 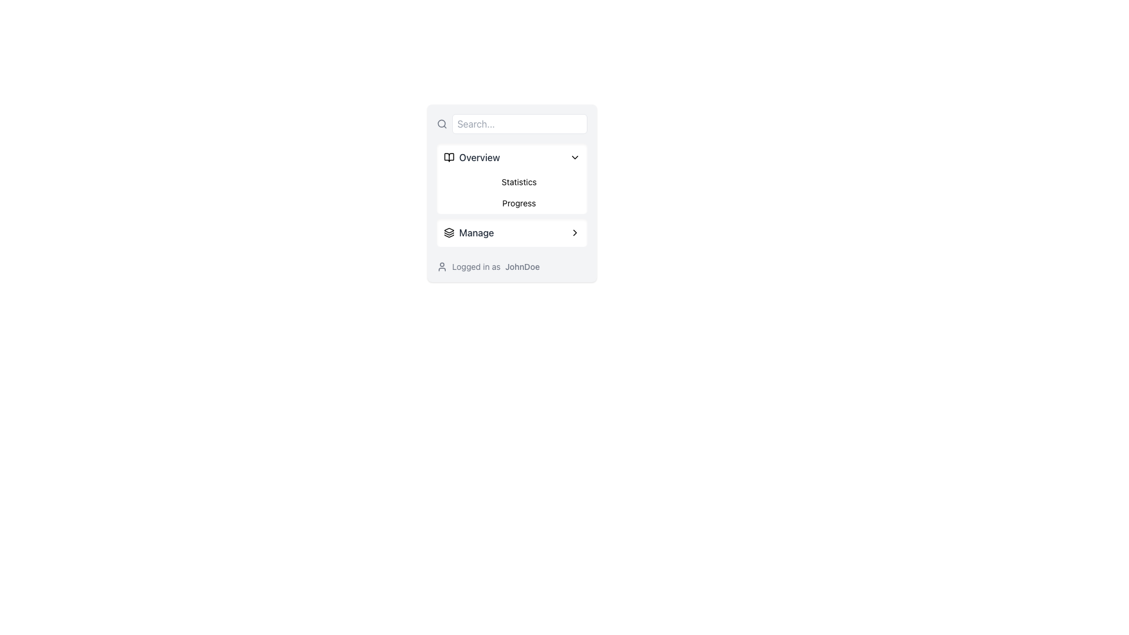 What do you see at coordinates (441, 123) in the screenshot?
I see `the SVG Circle element located within the search icon at the top center-left of the interface` at bounding box center [441, 123].